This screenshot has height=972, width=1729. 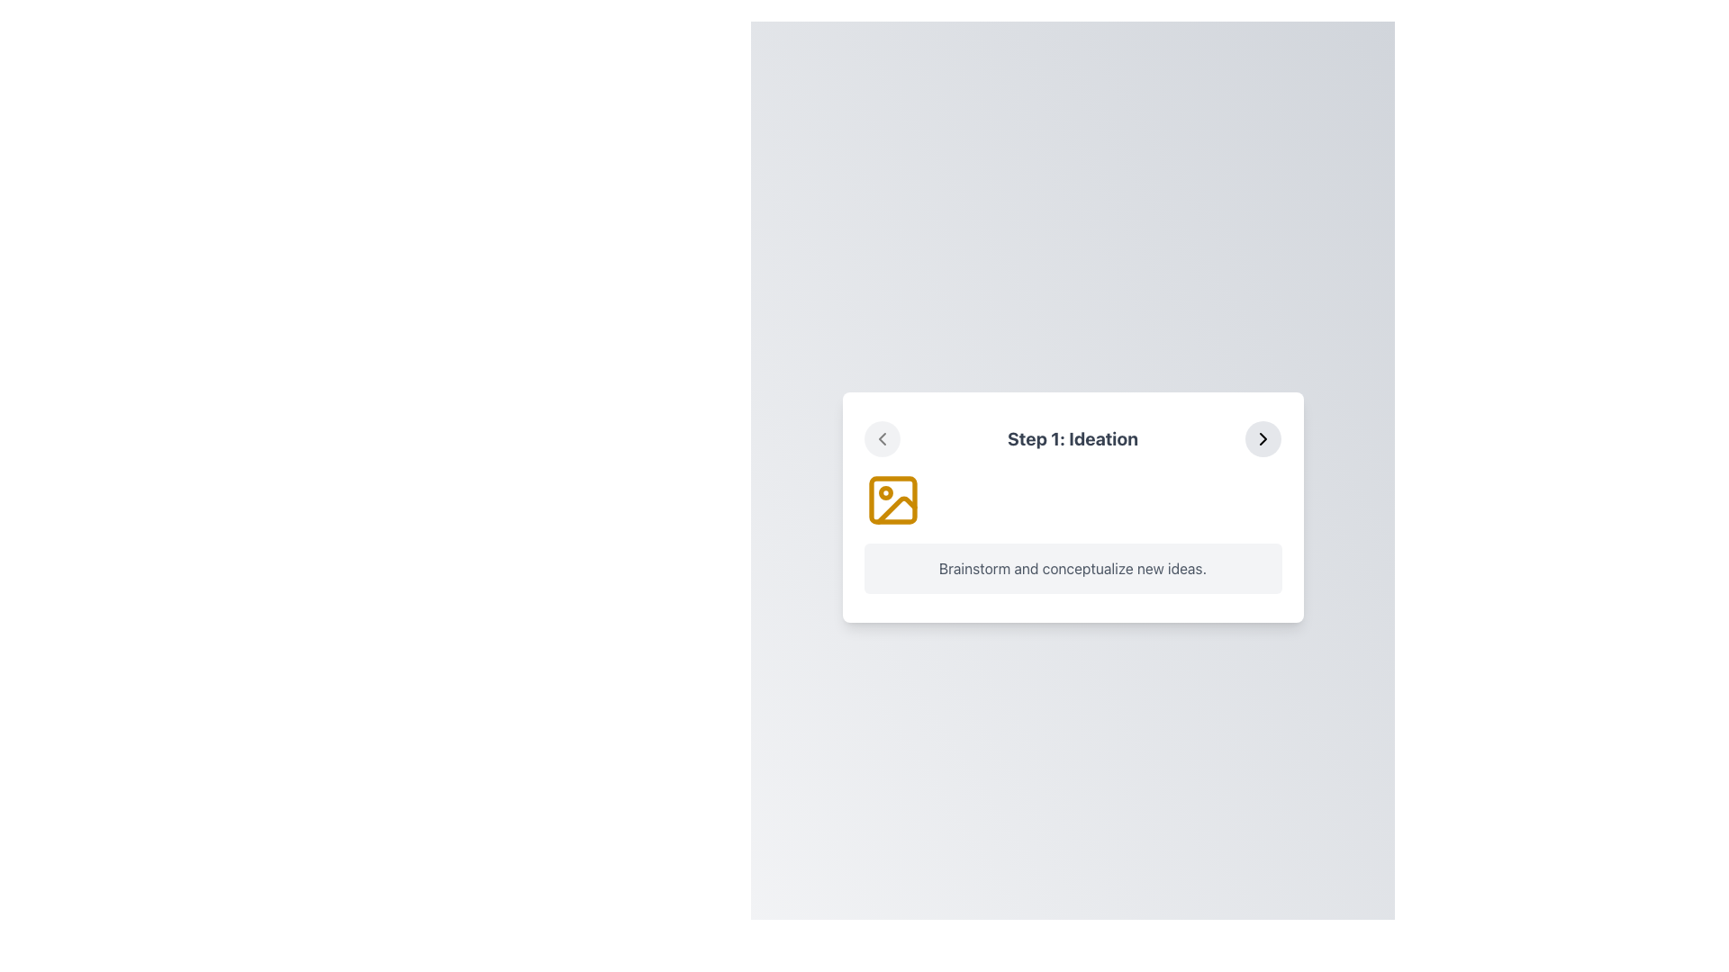 What do you see at coordinates (882, 439) in the screenshot?
I see `the small chevron-like symbol near the top-right corner of the interface, adjacent to the 'Step 1: Ideation' text` at bounding box center [882, 439].